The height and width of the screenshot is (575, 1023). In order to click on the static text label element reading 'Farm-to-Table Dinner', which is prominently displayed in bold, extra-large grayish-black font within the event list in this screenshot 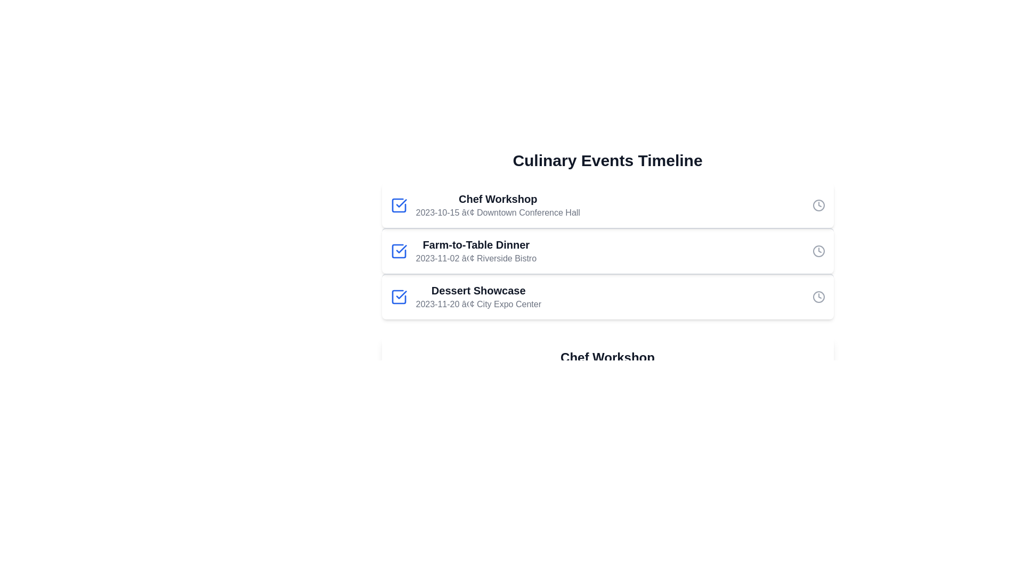, I will do `click(475, 244)`.